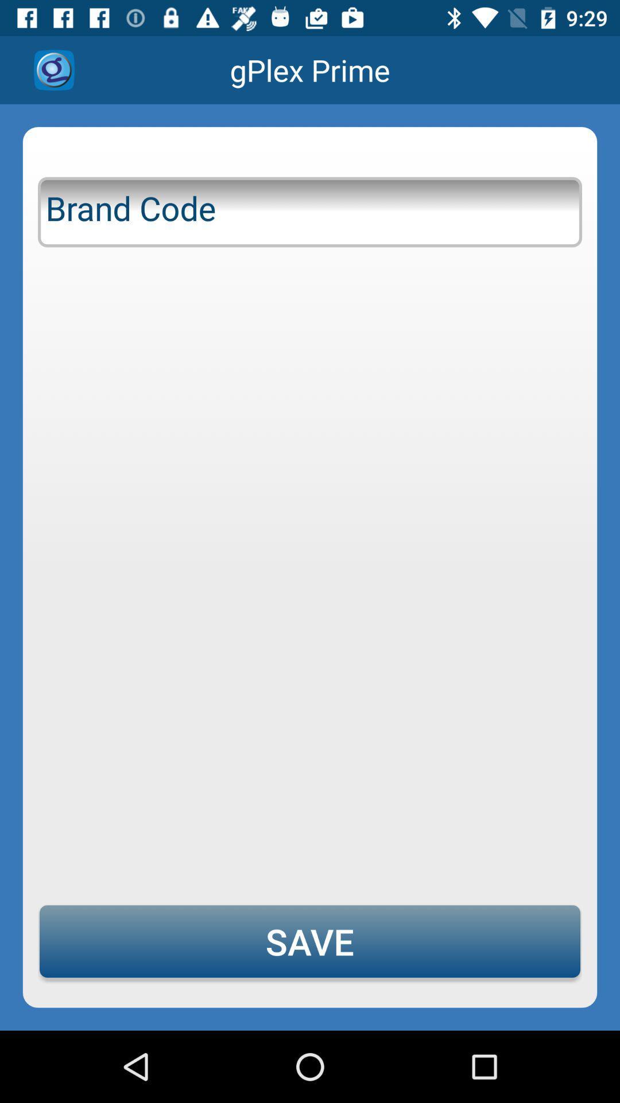 This screenshot has height=1103, width=620. What do you see at coordinates (310, 210) in the screenshot?
I see `brand code text` at bounding box center [310, 210].